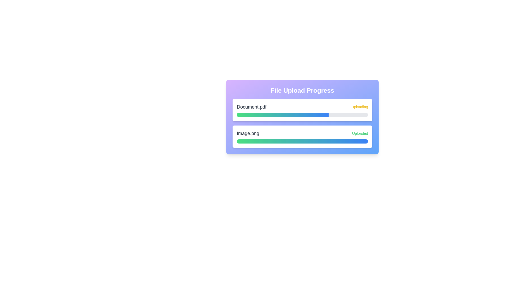  Describe the element at coordinates (282, 115) in the screenshot. I see `the progress bar for 'Document.pdf' to reveal tooltip information` at that location.